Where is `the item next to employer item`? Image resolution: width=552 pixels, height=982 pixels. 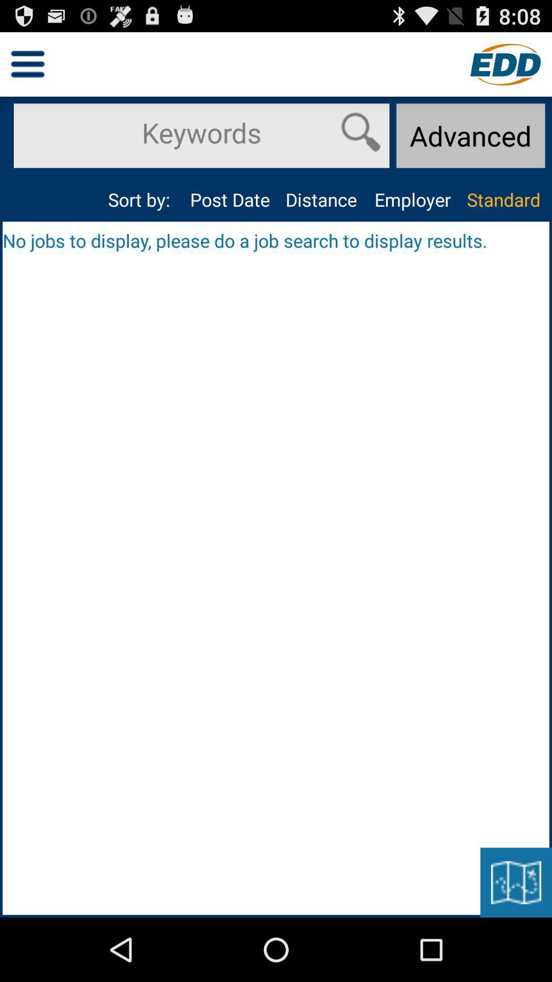 the item next to employer item is located at coordinates (320, 199).